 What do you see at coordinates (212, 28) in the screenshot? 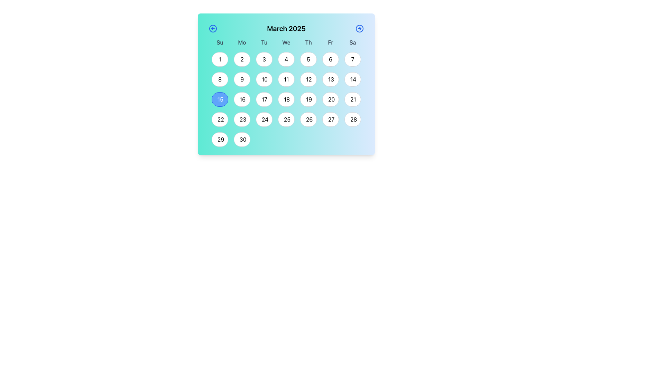
I see `the blue circular icon with a left-pointing arrow in the upper-left corner of the calendar interface` at bounding box center [212, 28].